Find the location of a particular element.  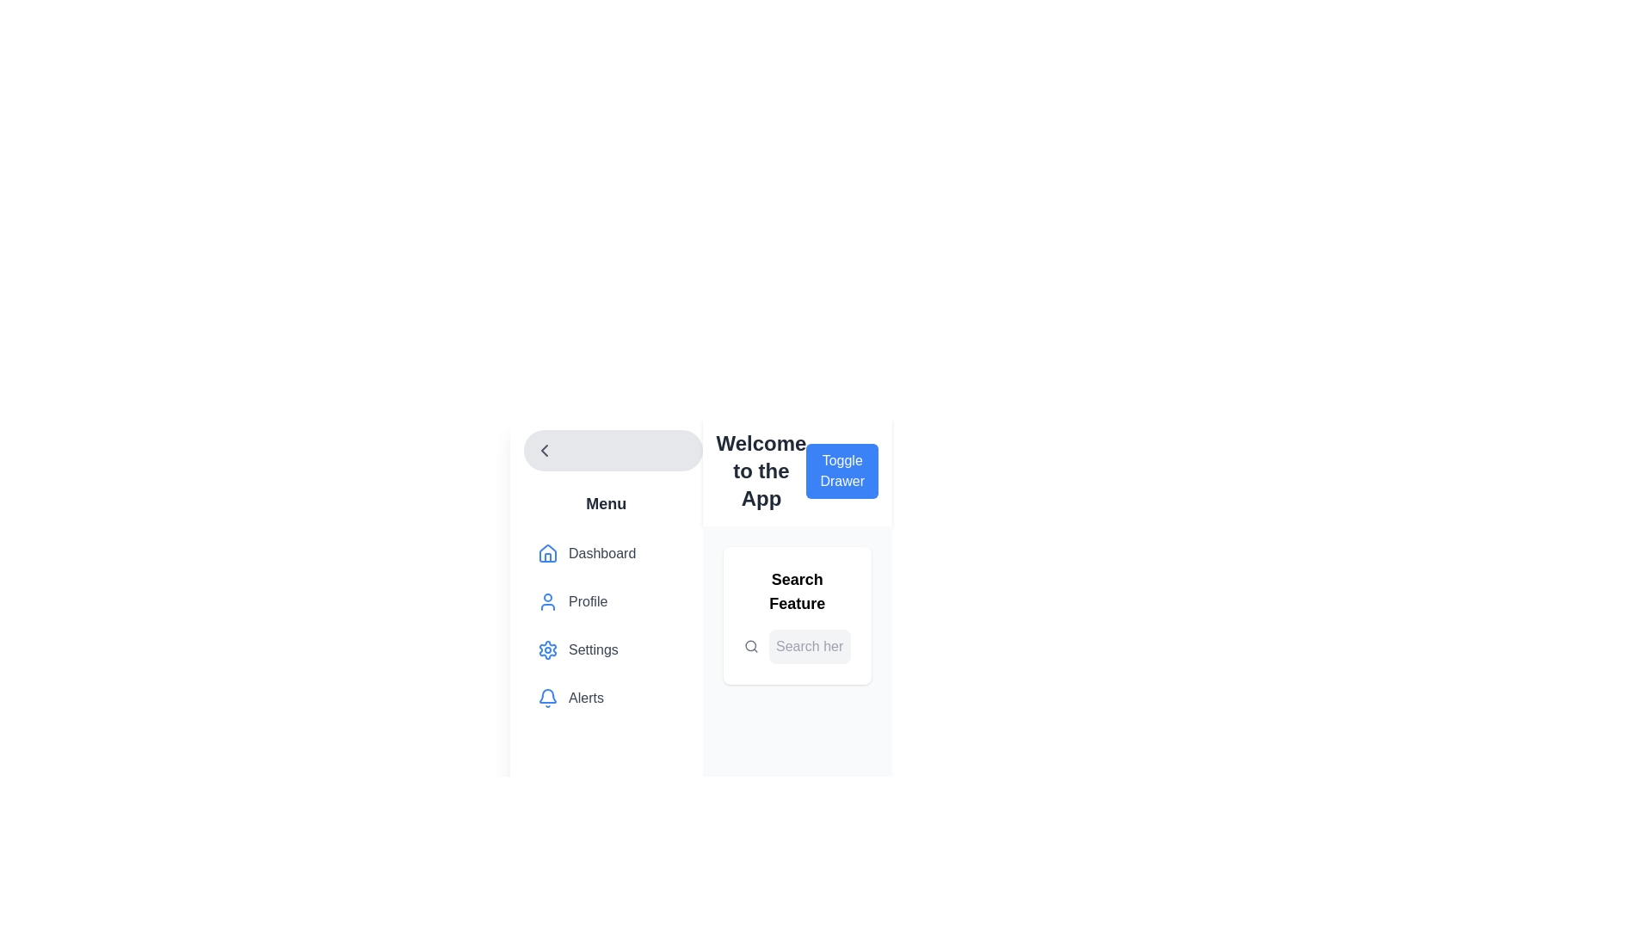

the Text Label that indicates the menu section of the application, located in the top-left sidebar area, above navigational links such as 'Dashboard', 'Profile', and 'Settings' is located at coordinates (606, 503).